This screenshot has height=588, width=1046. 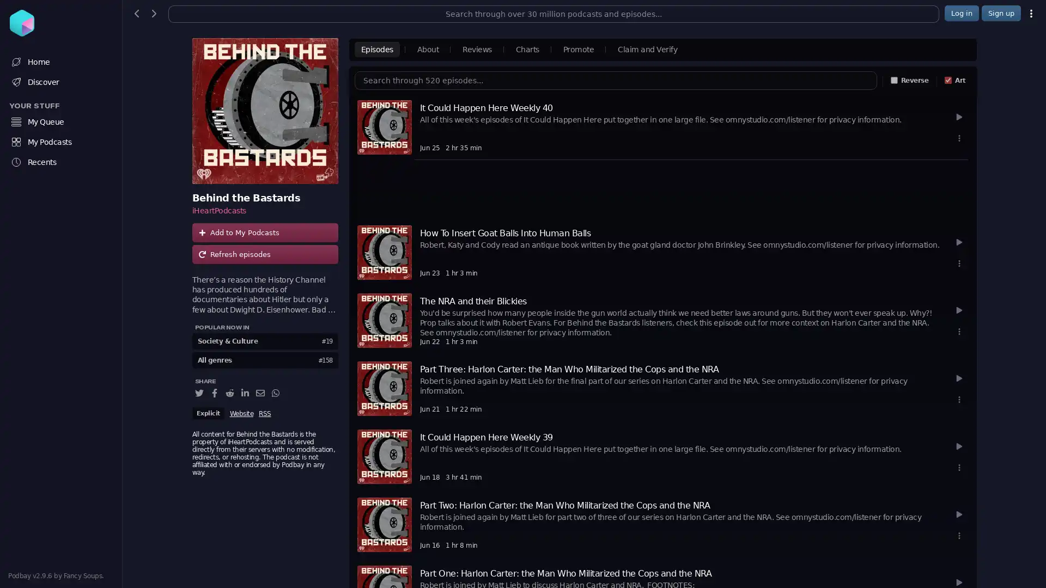 What do you see at coordinates (264, 254) in the screenshot?
I see `Refresh episodes` at bounding box center [264, 254].